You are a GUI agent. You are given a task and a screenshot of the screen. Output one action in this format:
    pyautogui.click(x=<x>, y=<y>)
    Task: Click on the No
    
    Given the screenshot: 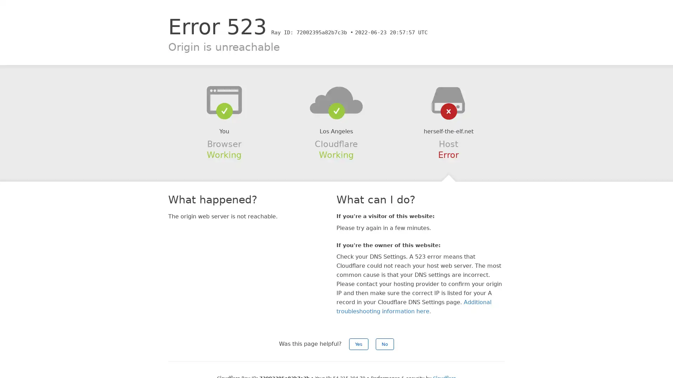 What is the action you would take?
    pyautogui.click(x=385, y=344)
    